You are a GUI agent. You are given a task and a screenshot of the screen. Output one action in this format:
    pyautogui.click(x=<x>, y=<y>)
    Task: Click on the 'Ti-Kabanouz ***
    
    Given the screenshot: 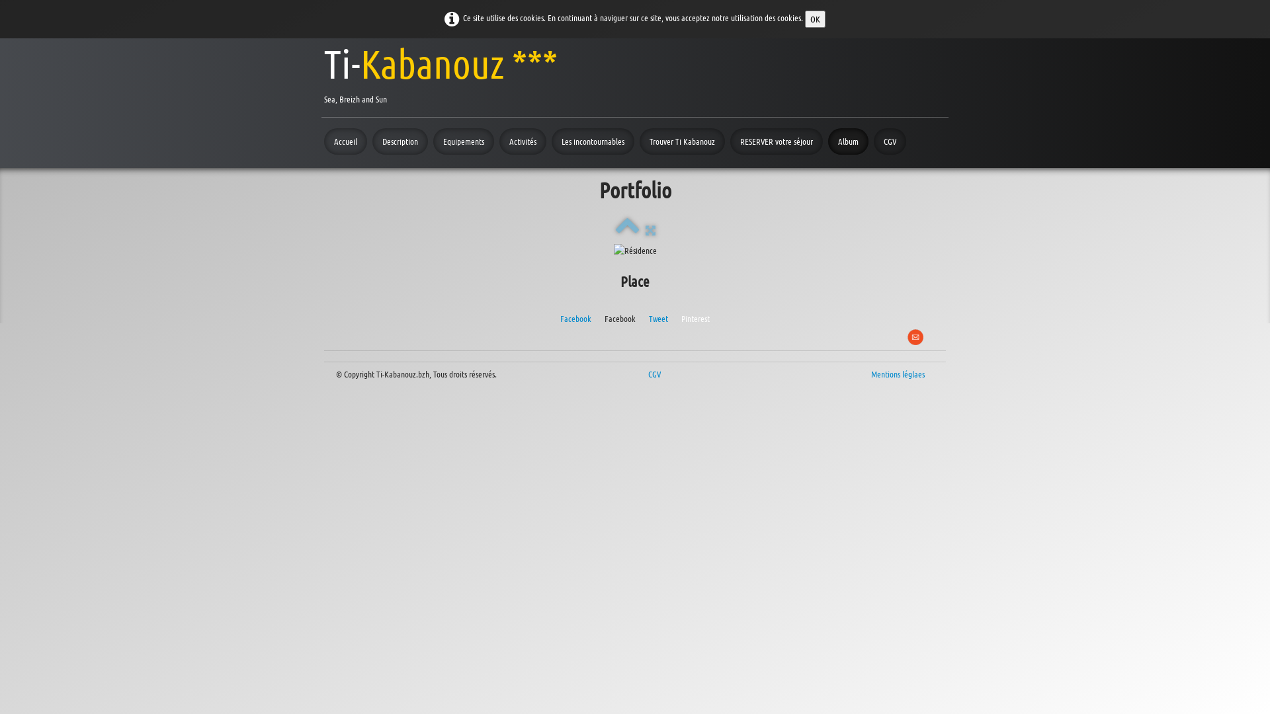 What is the action you would take?
    pyautogui.click(x=441, y=73)
    